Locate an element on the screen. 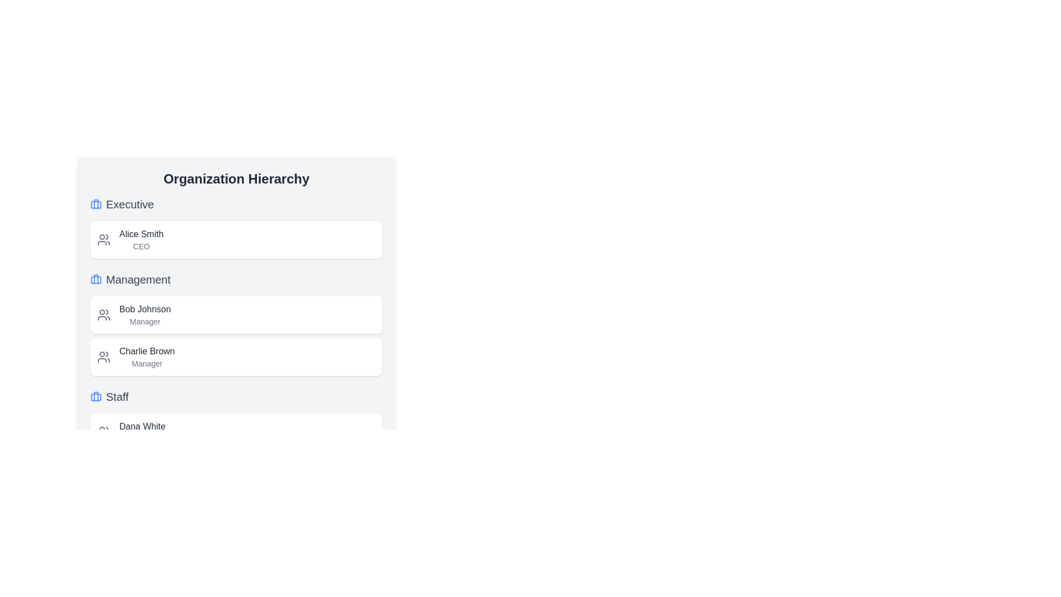  any clickable components within the 'Staff' section, which is located at the bottom of the organizational hierarchy below 'Executive' and 'Management' is located at coordinates (235, 441).